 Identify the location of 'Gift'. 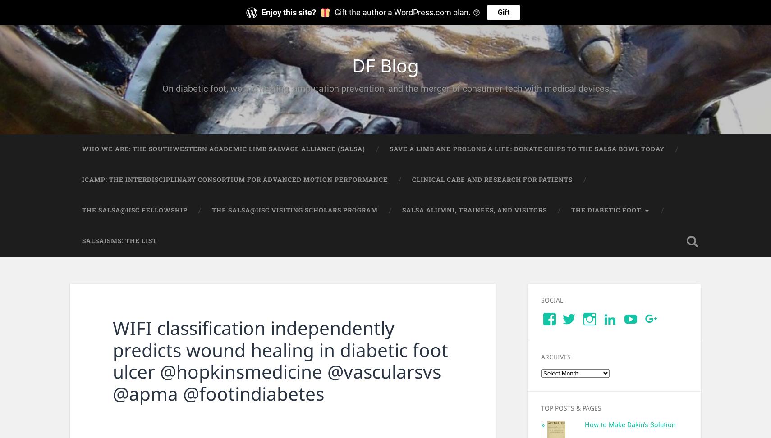
(503, 12).